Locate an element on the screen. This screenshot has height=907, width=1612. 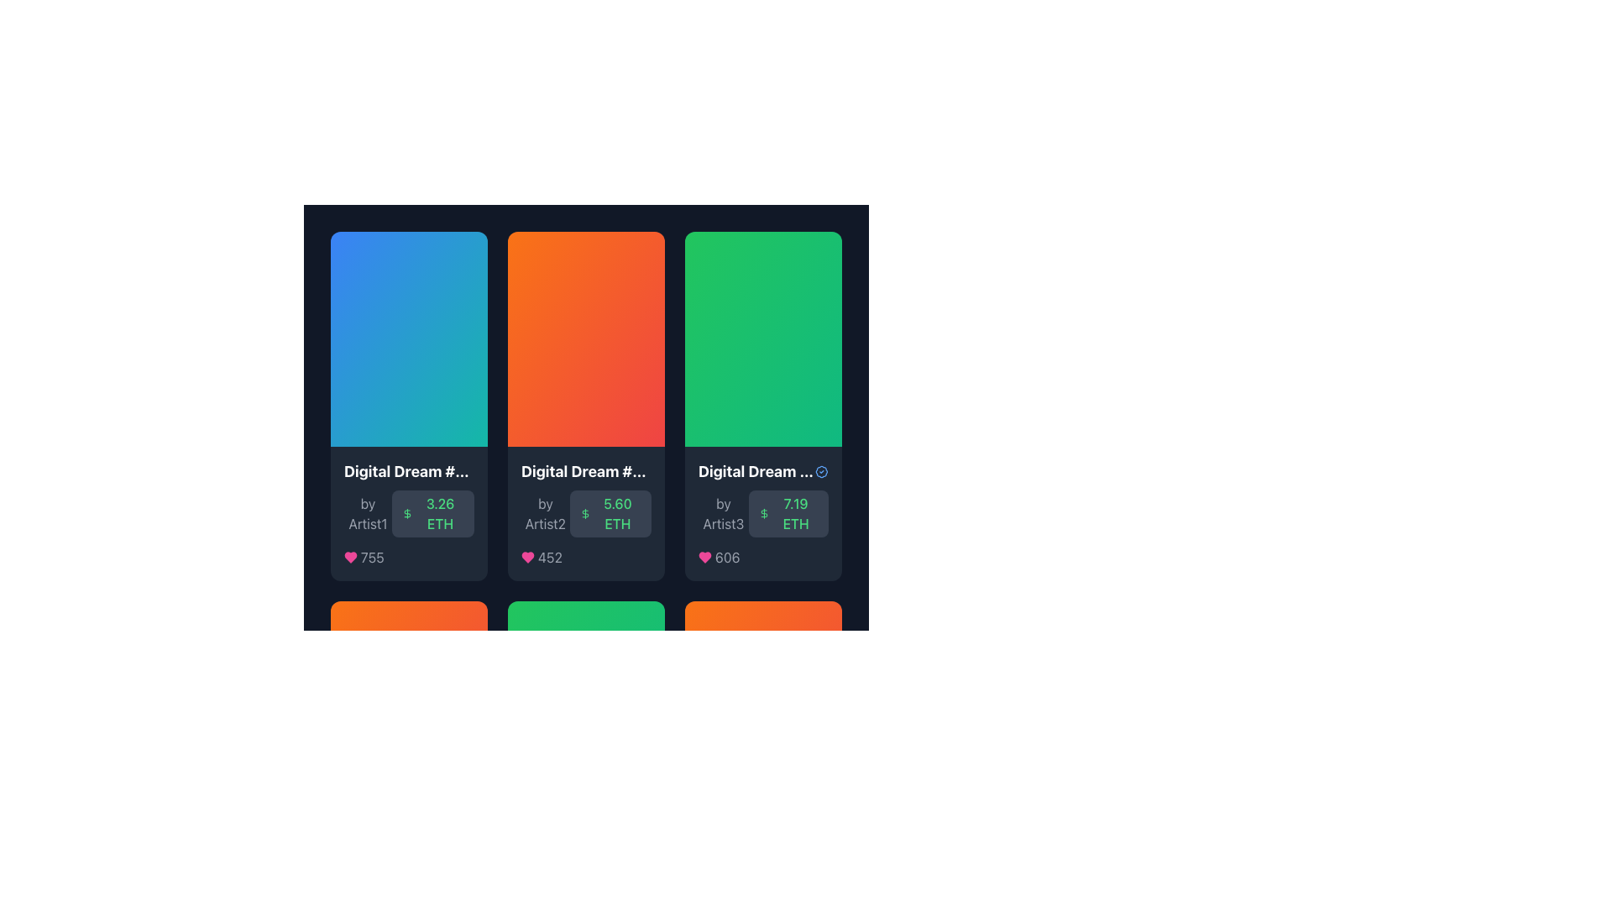
the text label displaying 'by Artist1' in light gray font, located in the lower-left section of the card for 'Digital Dream #1' is located at coordinates (367, 513).